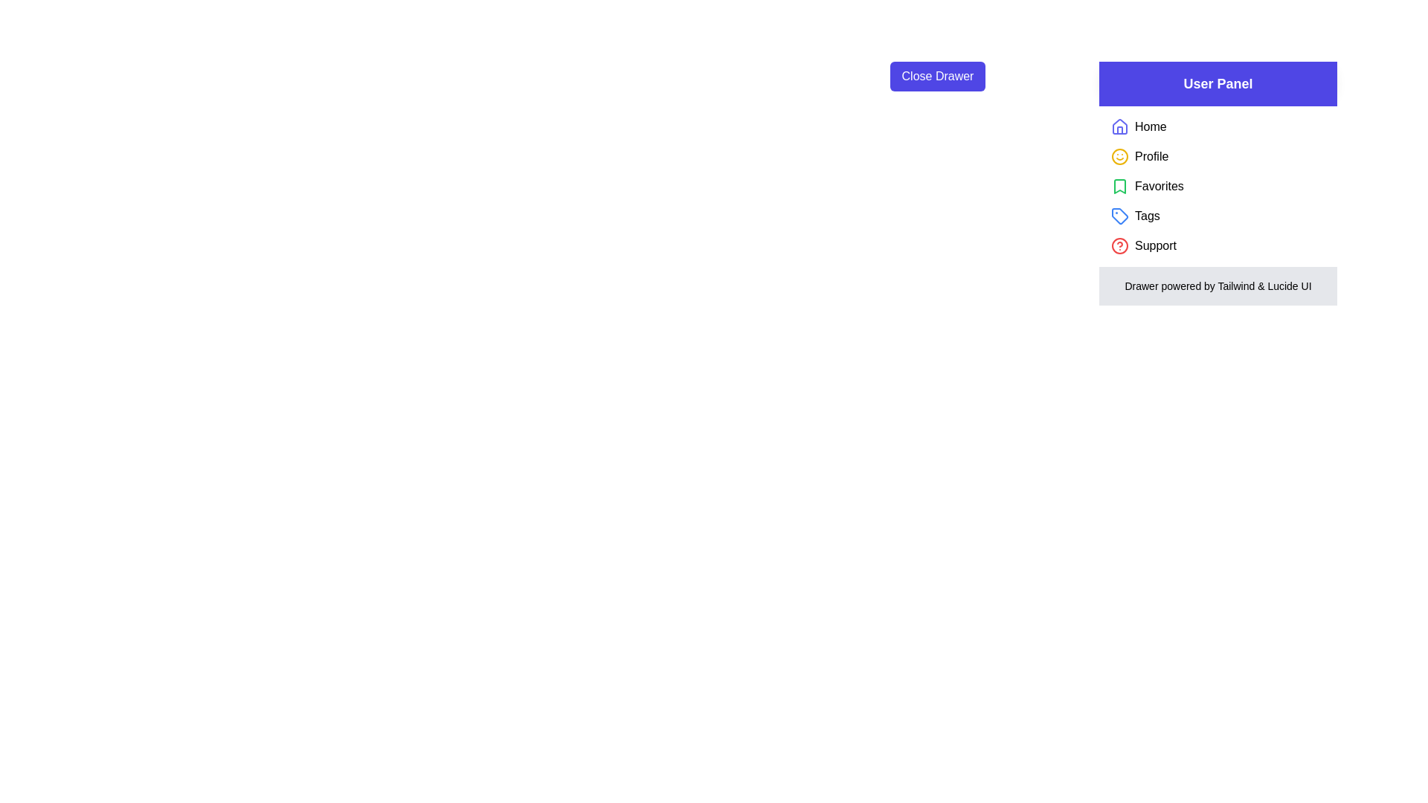  I want to click on the menu item Favorites in the drawer, so click(1158, 185).